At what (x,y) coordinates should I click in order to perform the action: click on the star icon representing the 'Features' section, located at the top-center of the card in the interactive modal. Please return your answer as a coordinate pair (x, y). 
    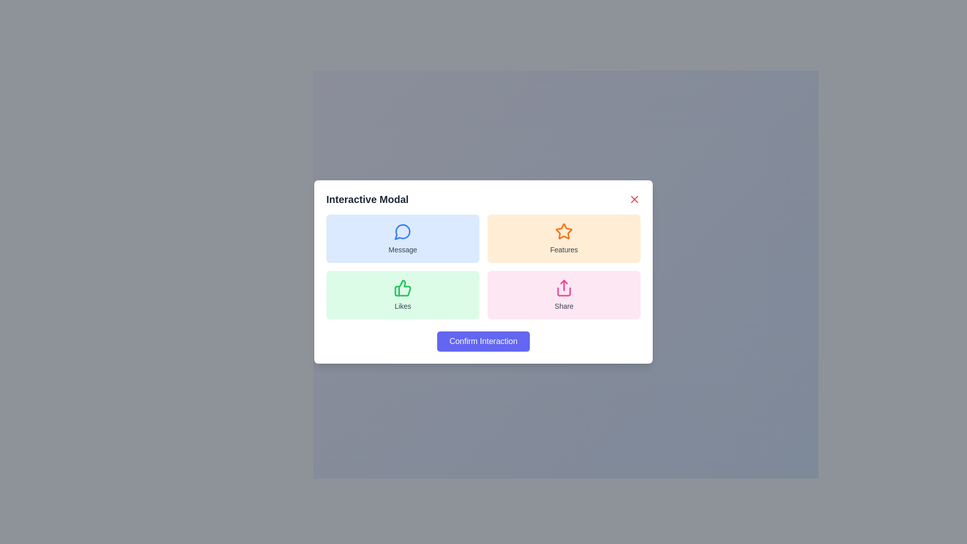
    Looking at the image, I should click on (563, 231).